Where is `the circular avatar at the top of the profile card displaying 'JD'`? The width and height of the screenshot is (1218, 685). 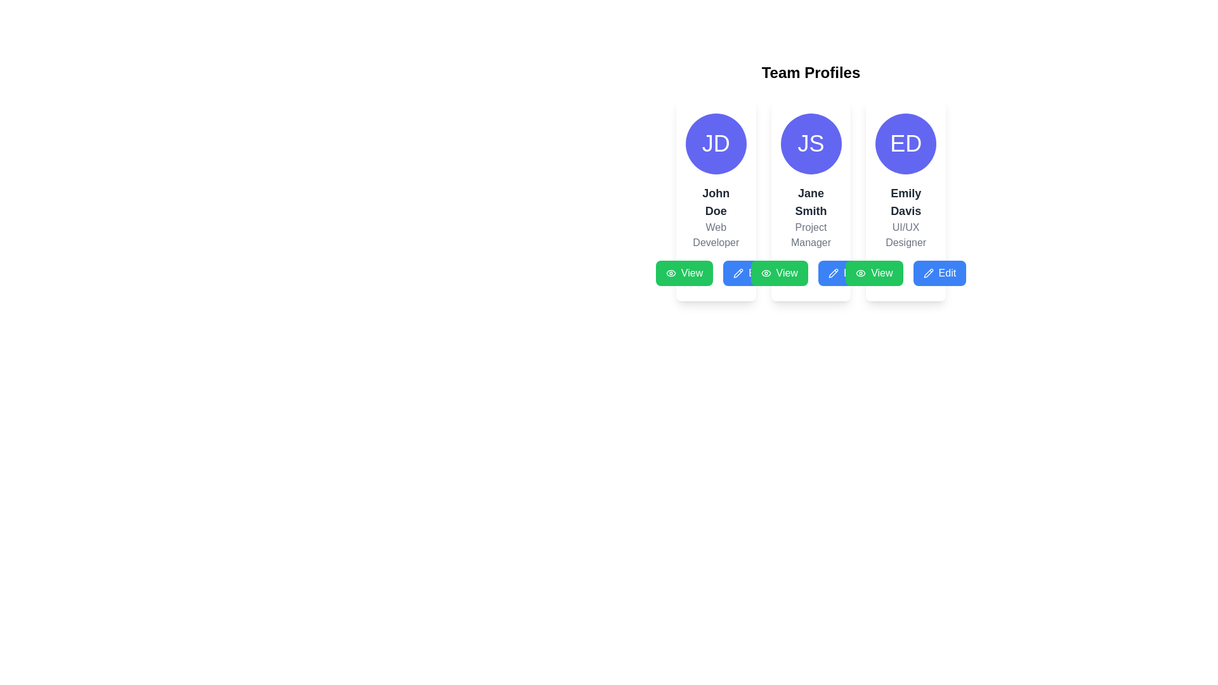 the circular avatar at the top of the profile card displaying 'JD' is located at coordinates (716, 200).